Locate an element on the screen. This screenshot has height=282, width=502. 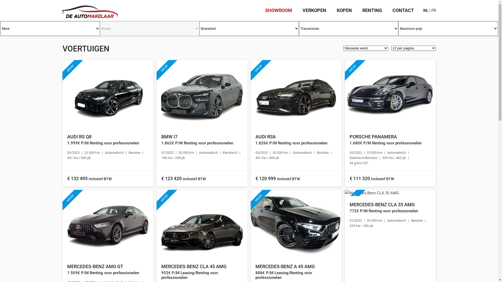
'KOPEN' is located at coordinates (344, 10).